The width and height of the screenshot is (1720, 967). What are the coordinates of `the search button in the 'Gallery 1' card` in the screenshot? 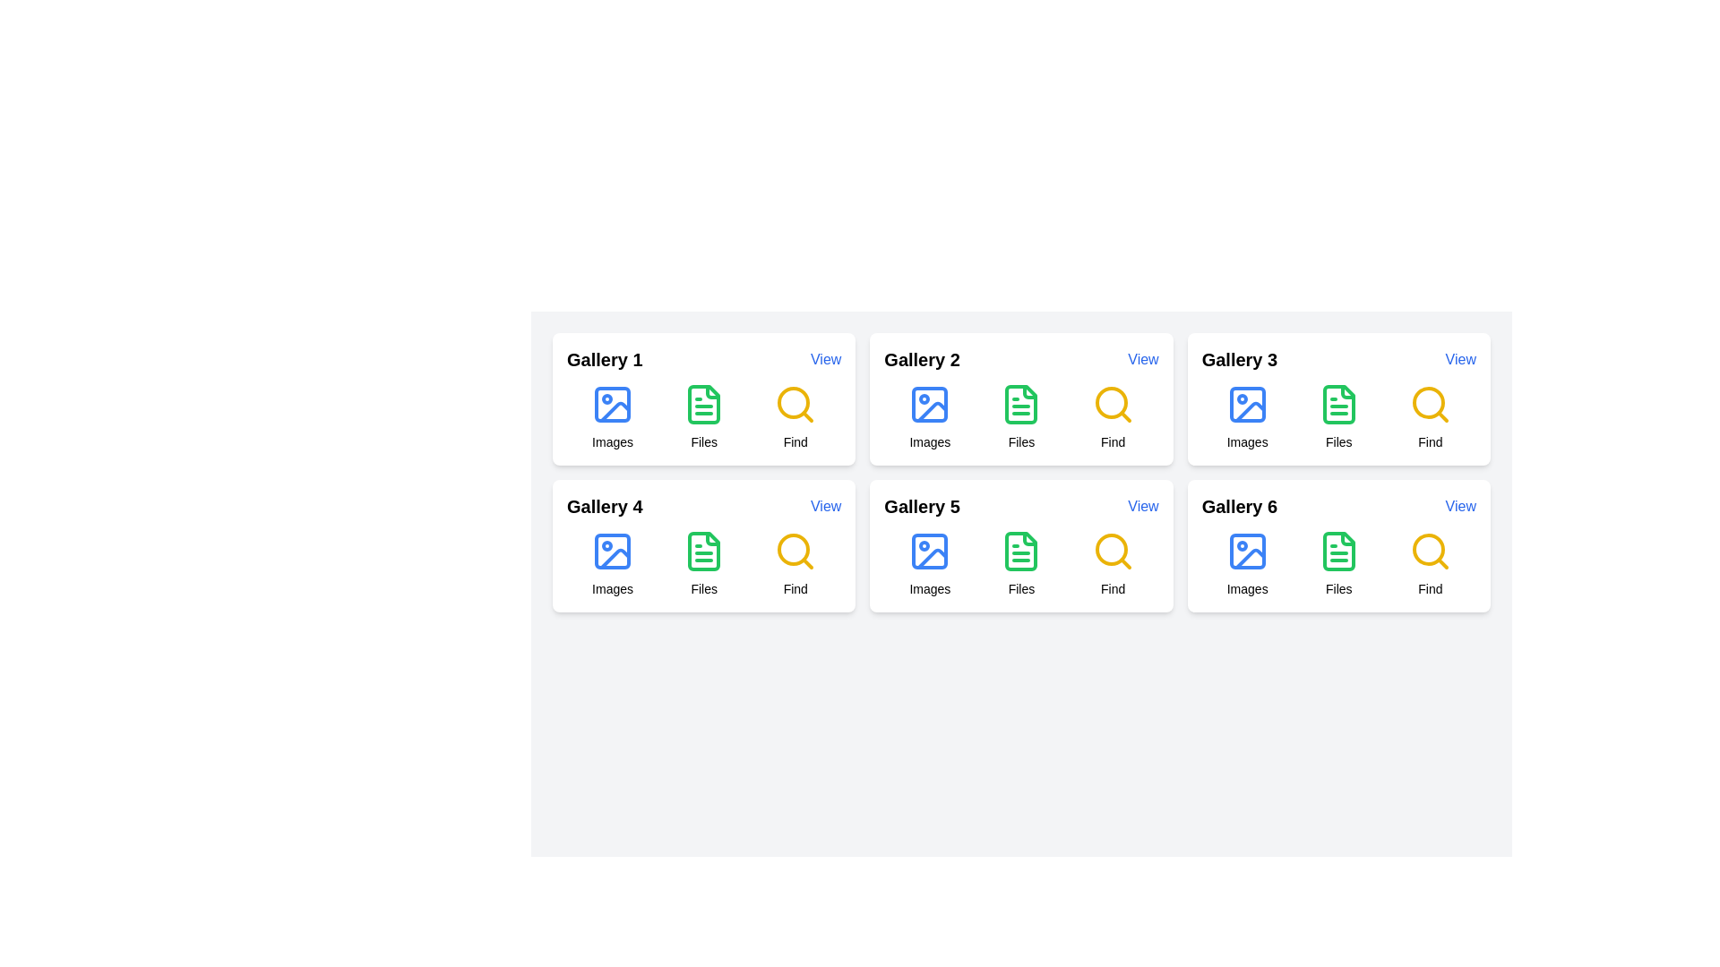 It's located at (795, 417).